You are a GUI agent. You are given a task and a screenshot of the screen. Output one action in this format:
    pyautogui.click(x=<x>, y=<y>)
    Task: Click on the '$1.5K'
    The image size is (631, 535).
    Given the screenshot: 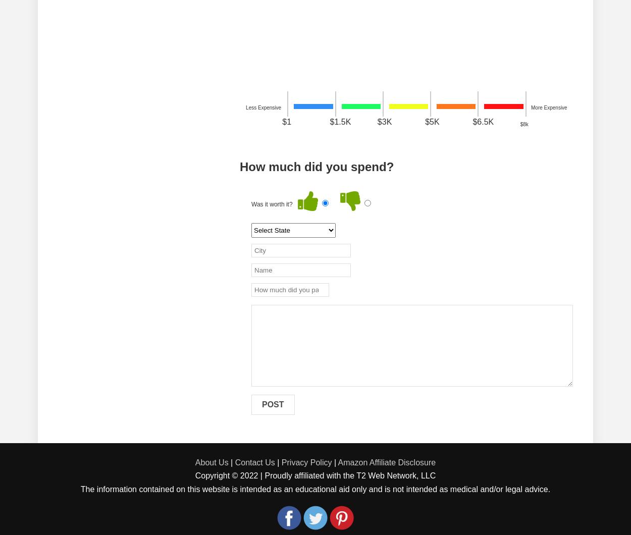 What is the action you would take?
    pyautogui.click(x=340, y=121)
    